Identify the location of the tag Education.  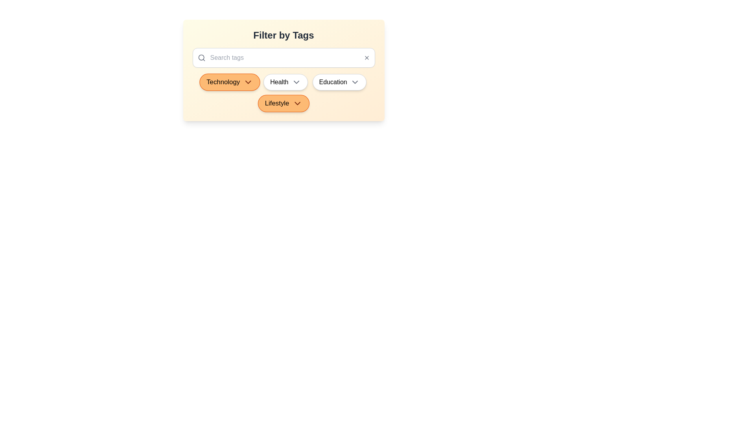
(339, 82).